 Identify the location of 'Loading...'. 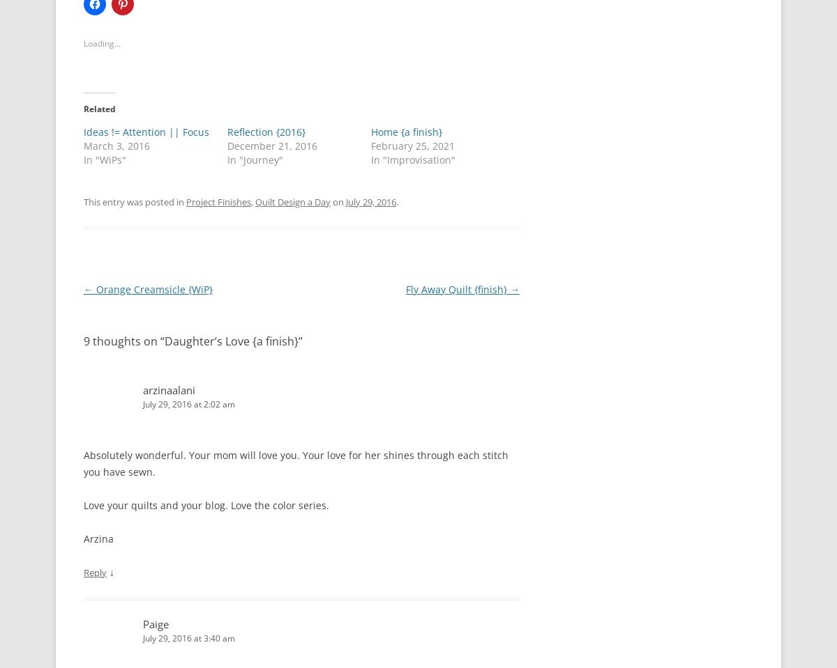
(102, 42).